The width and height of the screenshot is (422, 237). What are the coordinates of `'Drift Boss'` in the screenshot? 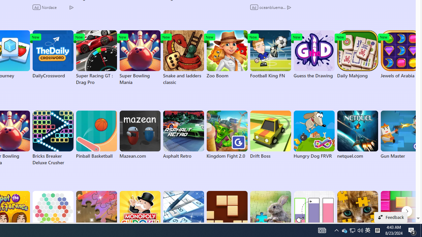 It's located at (270, 135).